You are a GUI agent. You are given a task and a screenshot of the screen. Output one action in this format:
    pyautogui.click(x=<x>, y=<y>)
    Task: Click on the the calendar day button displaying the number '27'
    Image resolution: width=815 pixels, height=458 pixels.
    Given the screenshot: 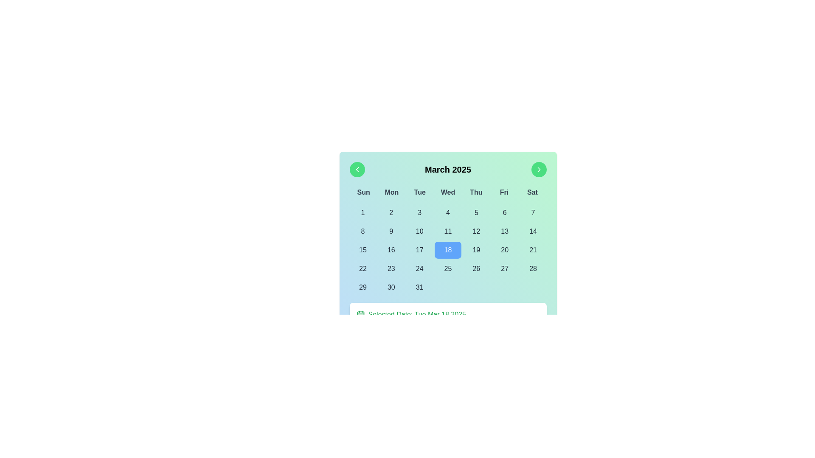 What is the action you would take?
    pyautogui.click(x=505, y=268)
    